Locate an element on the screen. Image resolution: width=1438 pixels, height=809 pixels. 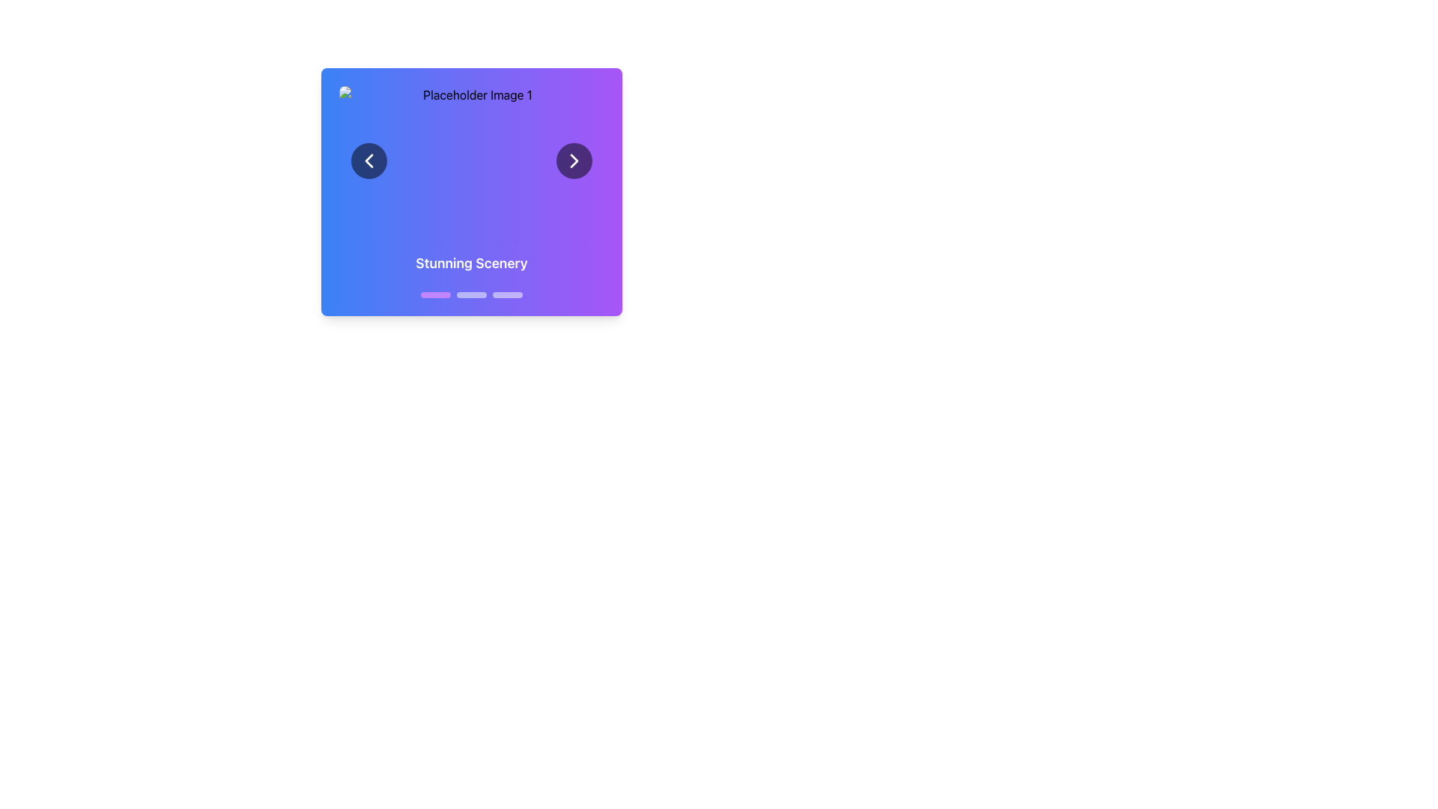
the left navigation button for the media carousel is located at coordinates (369, 160).